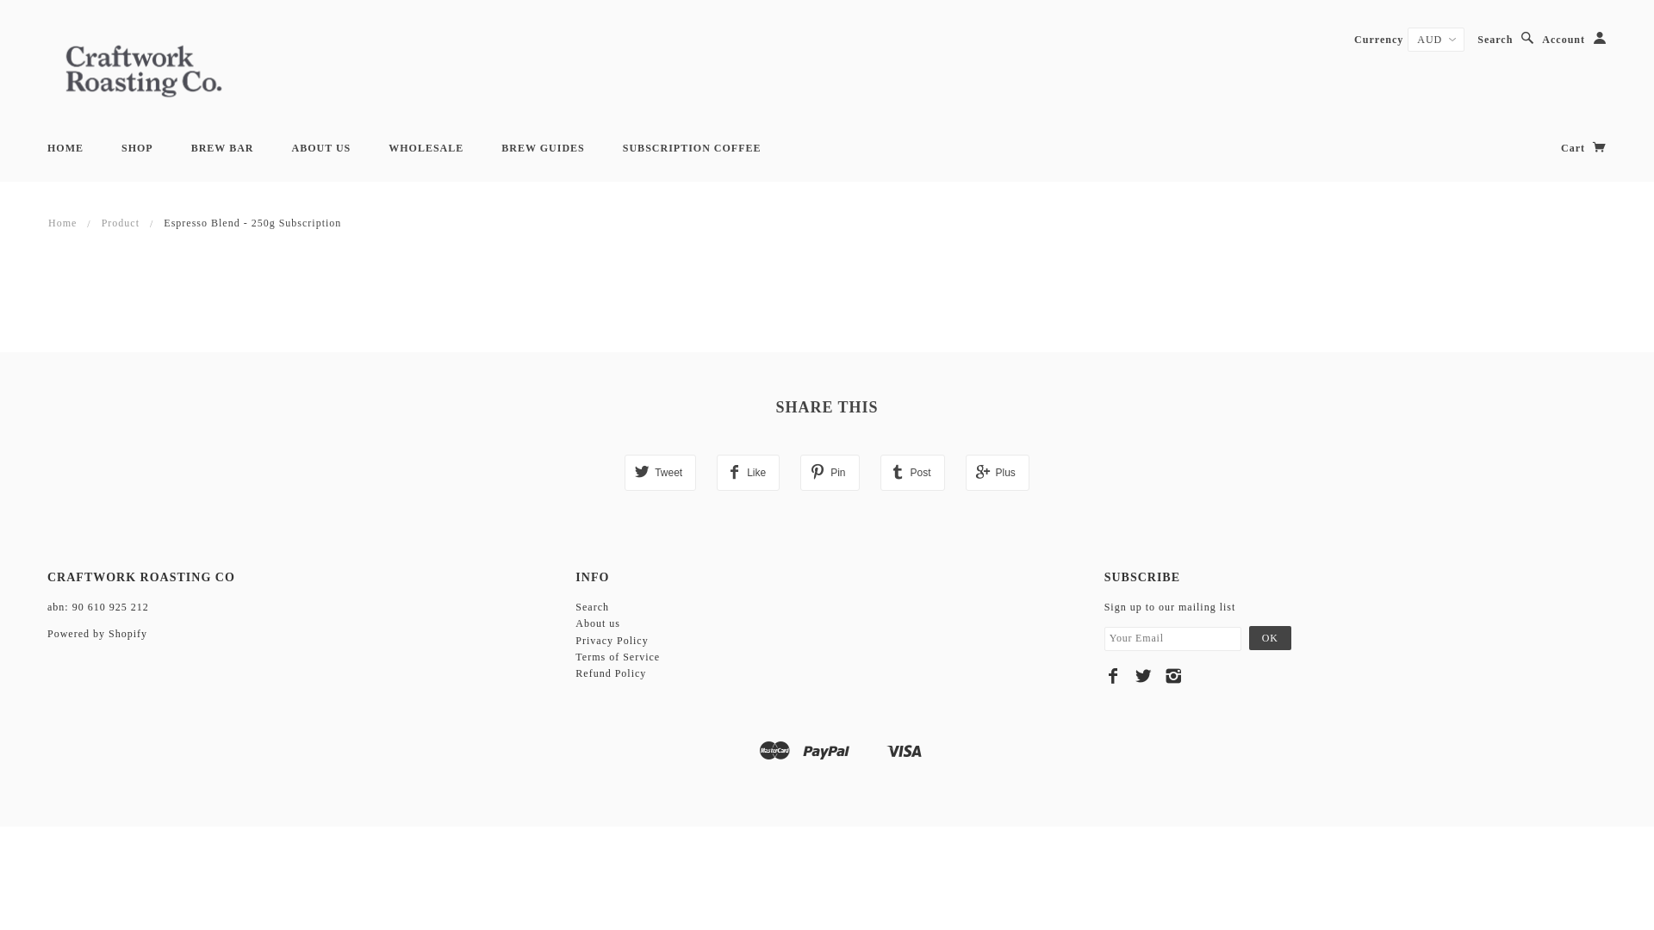 This screenshot has width=1654, height=930. Describe the element at coordinates (426, 147) in the screenshot. I see `'WHOLESALE'` at that location.